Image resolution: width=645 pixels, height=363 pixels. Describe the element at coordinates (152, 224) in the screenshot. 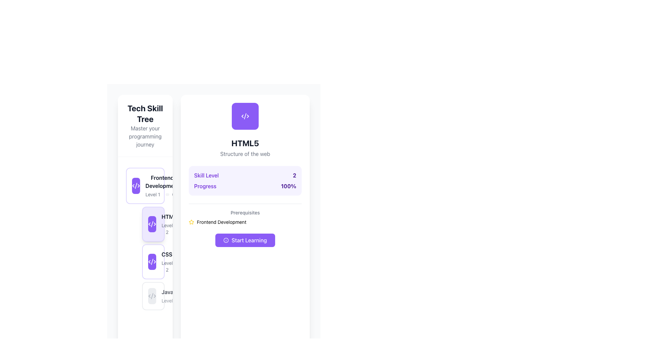

I see `the violet-colored icon with code brackets (</>) that represents programming content, located within the 'HTML5' skill card` at that location.